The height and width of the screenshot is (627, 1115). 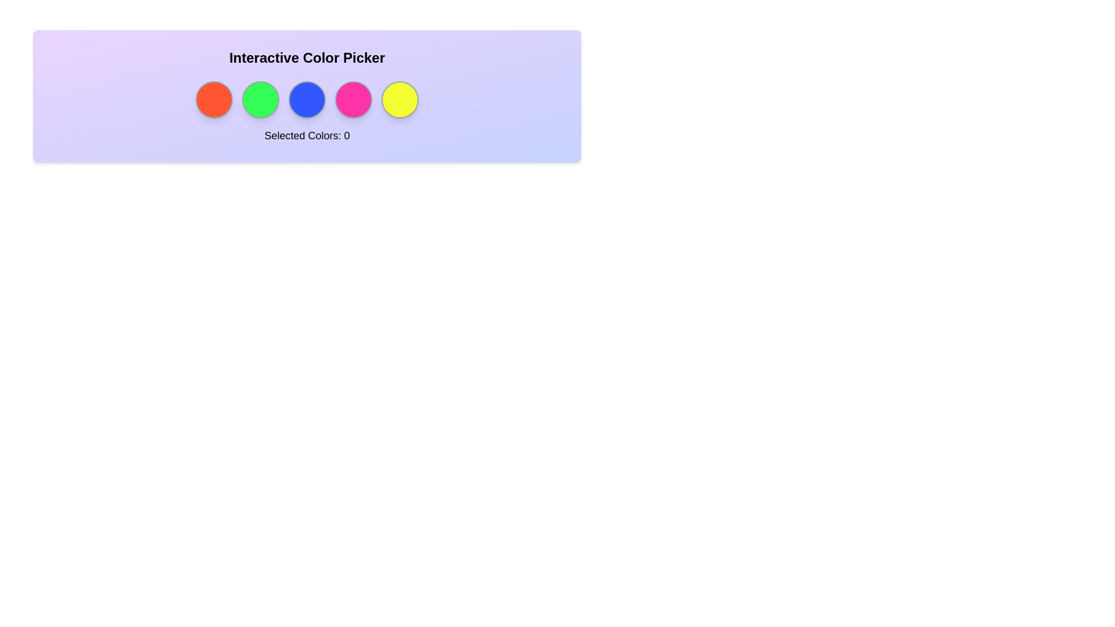 What do you see at coordinates (400, 99) in the screenshot?
I see `the circle corresponding to the color yellow` at bounding box center [400, 99].